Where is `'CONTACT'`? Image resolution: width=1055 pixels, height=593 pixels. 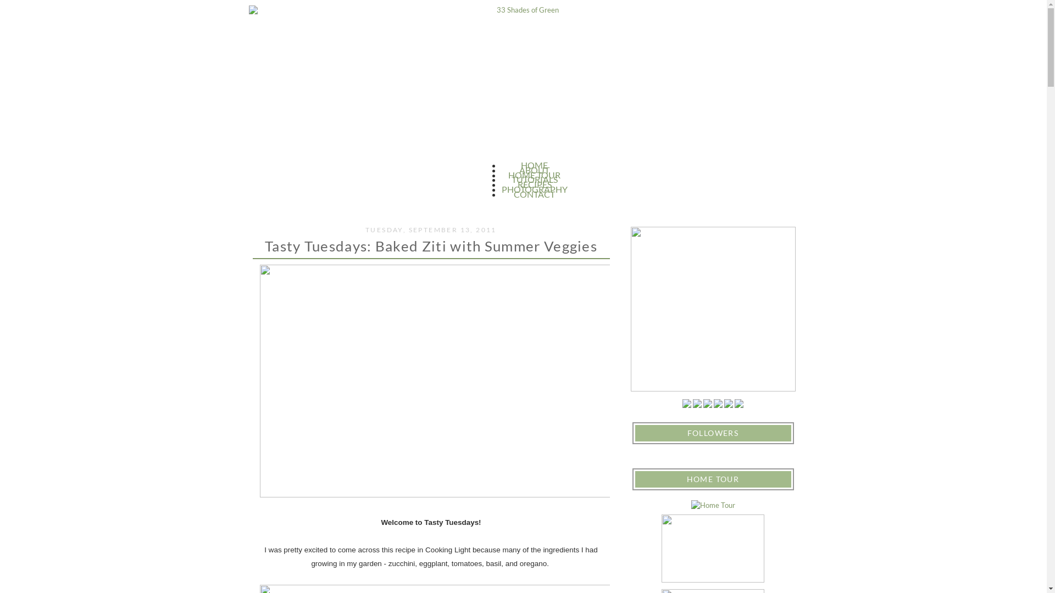 'CONTACT' is located at coordinates (534, 193).